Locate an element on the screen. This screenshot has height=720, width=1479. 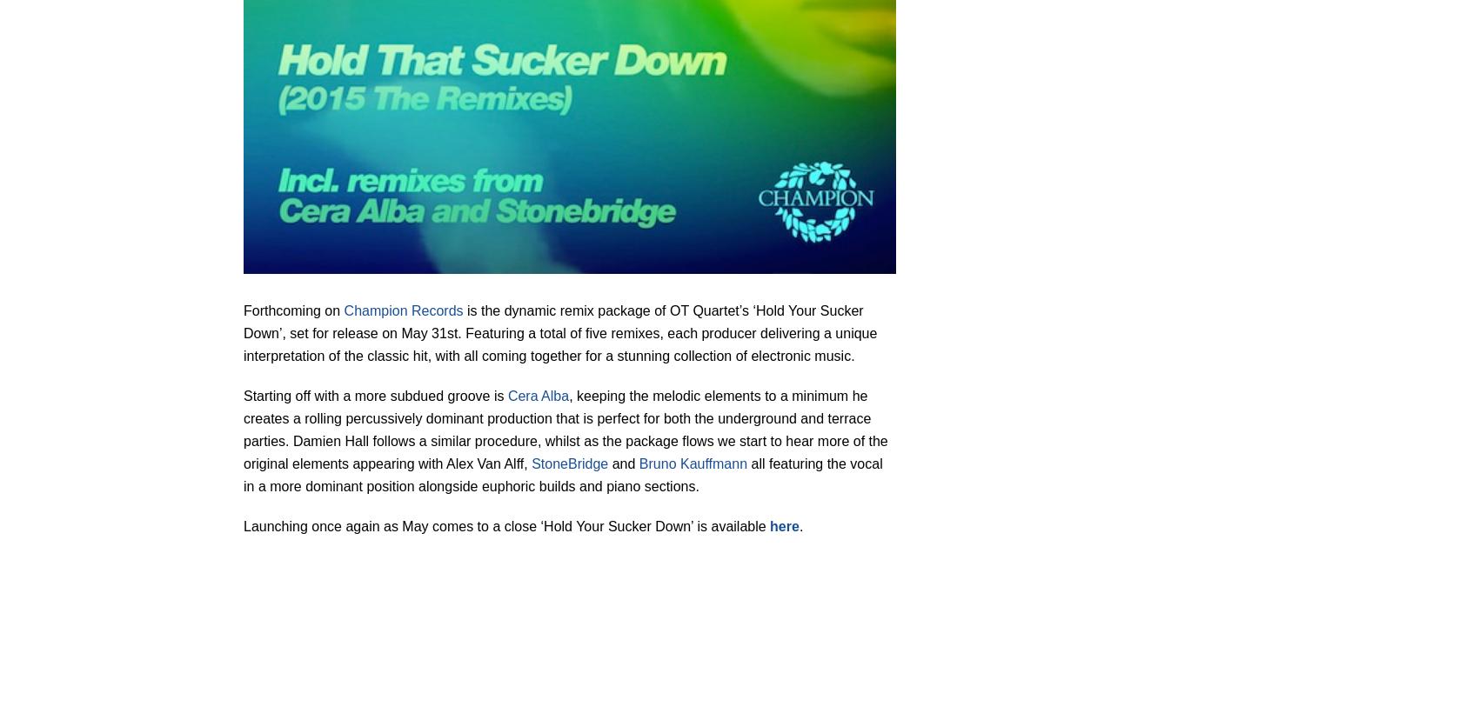
'Cera Alba' is located at coordinates (537, 394).